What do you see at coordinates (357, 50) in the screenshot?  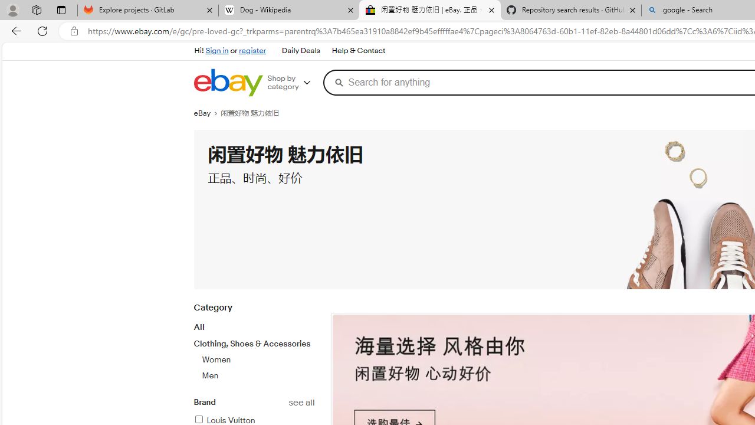 I see `'Help & Contact'` at bounding box center [357, 50].